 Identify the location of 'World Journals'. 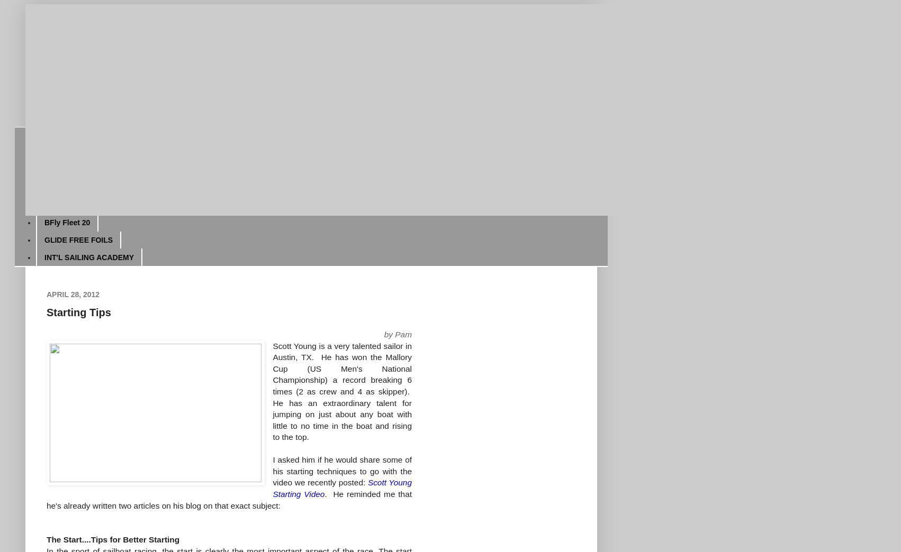
(71, 187).